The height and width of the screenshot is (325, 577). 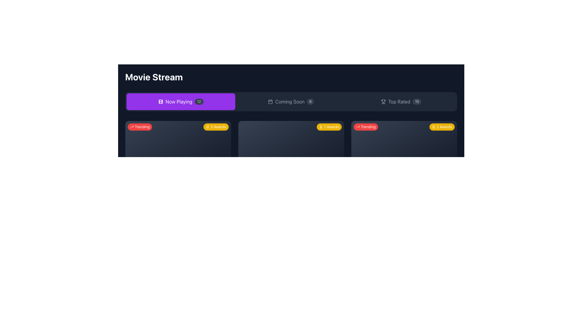 What do you see at coordinates (291, 101) in the screenshot?
I see `the middle button with icon and text, which serves as a navigation option for upcoming features, located between the 'Now Playing' button styled in purple and the 'Top Rated' button` at bounding box center [291, 101].